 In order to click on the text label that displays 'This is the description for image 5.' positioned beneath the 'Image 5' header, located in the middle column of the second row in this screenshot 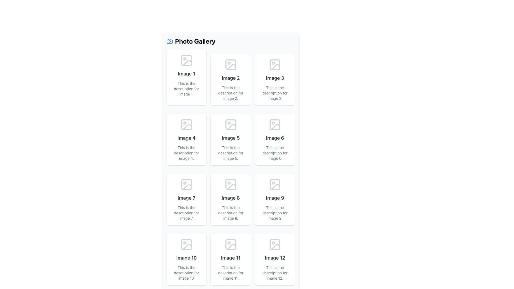, I will do `click(231, 153)`.